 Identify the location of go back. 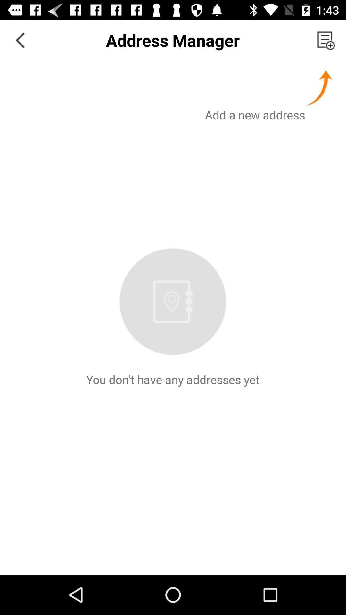
(20, 40).